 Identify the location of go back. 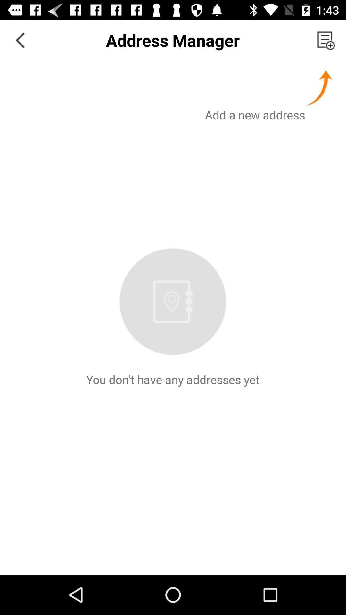
(20, 40).